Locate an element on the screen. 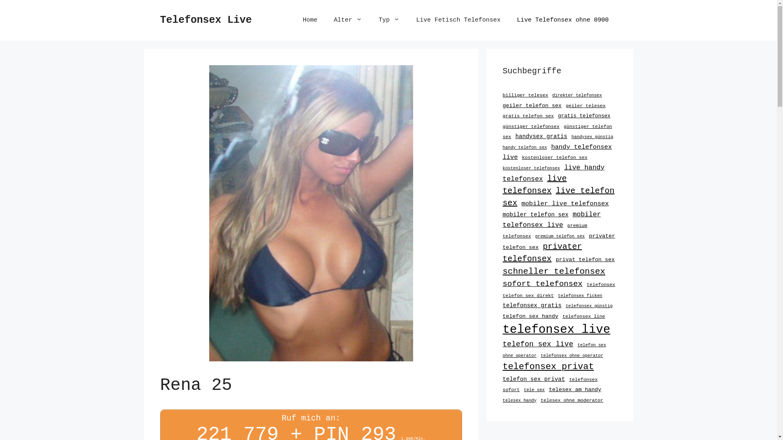  'telefonsex' is located at coordinates (601, 284).